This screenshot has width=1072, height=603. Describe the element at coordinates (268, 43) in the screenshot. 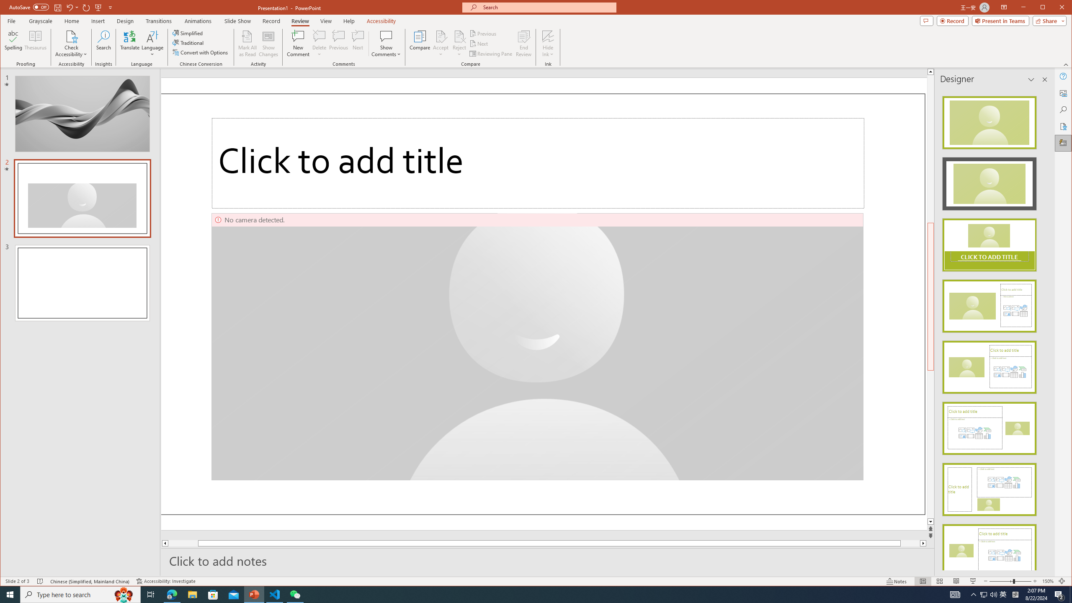

I see `'Show Changes'` at that location.